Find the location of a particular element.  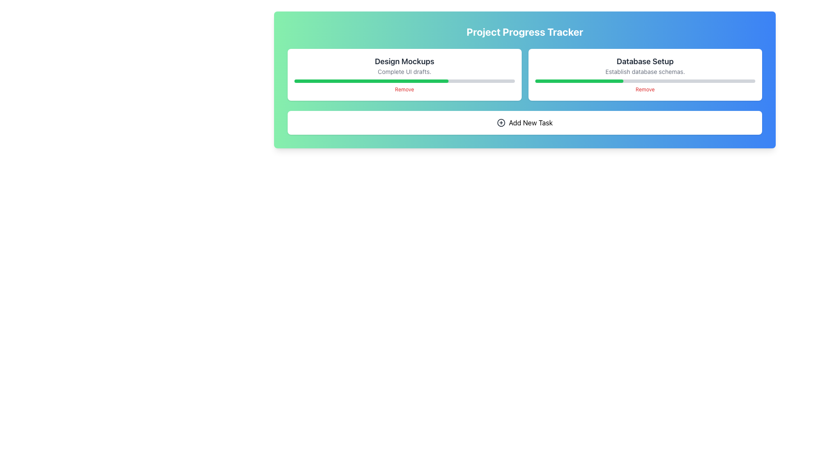

the circular outline icon representing the '+' icon within the 'Add New Task' section is located at coordinates (501, 123).